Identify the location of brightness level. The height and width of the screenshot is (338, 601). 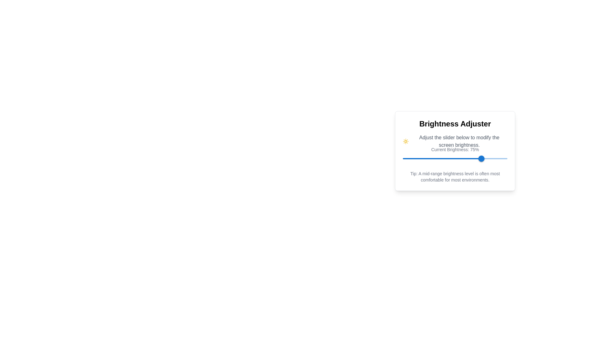
(503, 158).